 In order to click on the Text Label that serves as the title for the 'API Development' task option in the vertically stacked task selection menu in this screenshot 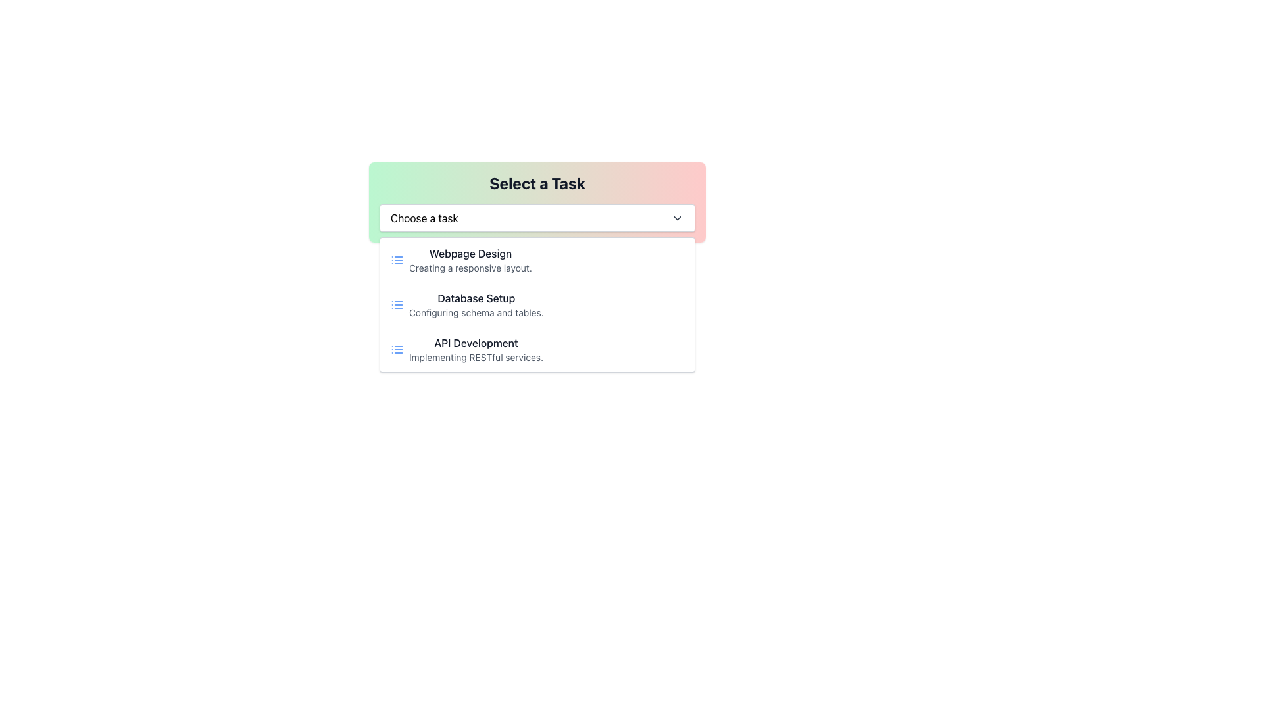, I will do `click(476, 342)`.